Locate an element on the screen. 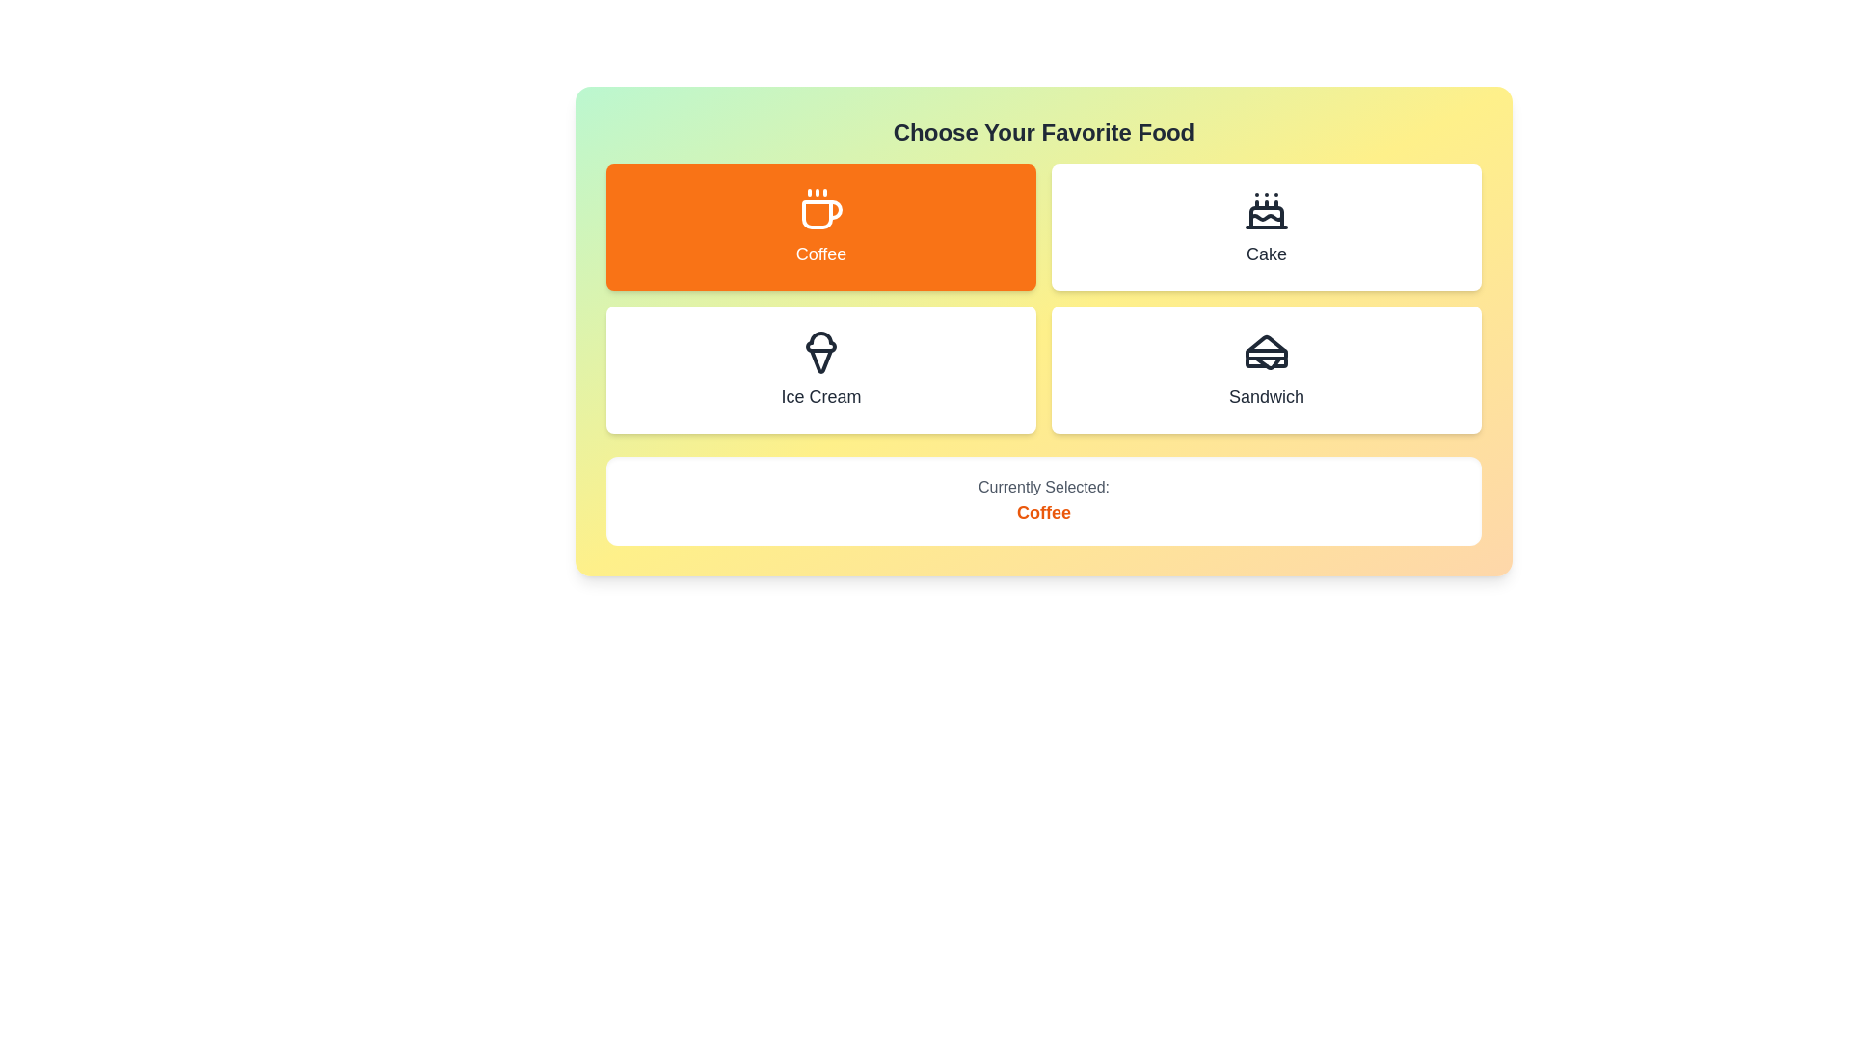 This screenshot has width=1851, height=1041. the category button corresponding to Cake is located at coordinates (1267, 226).